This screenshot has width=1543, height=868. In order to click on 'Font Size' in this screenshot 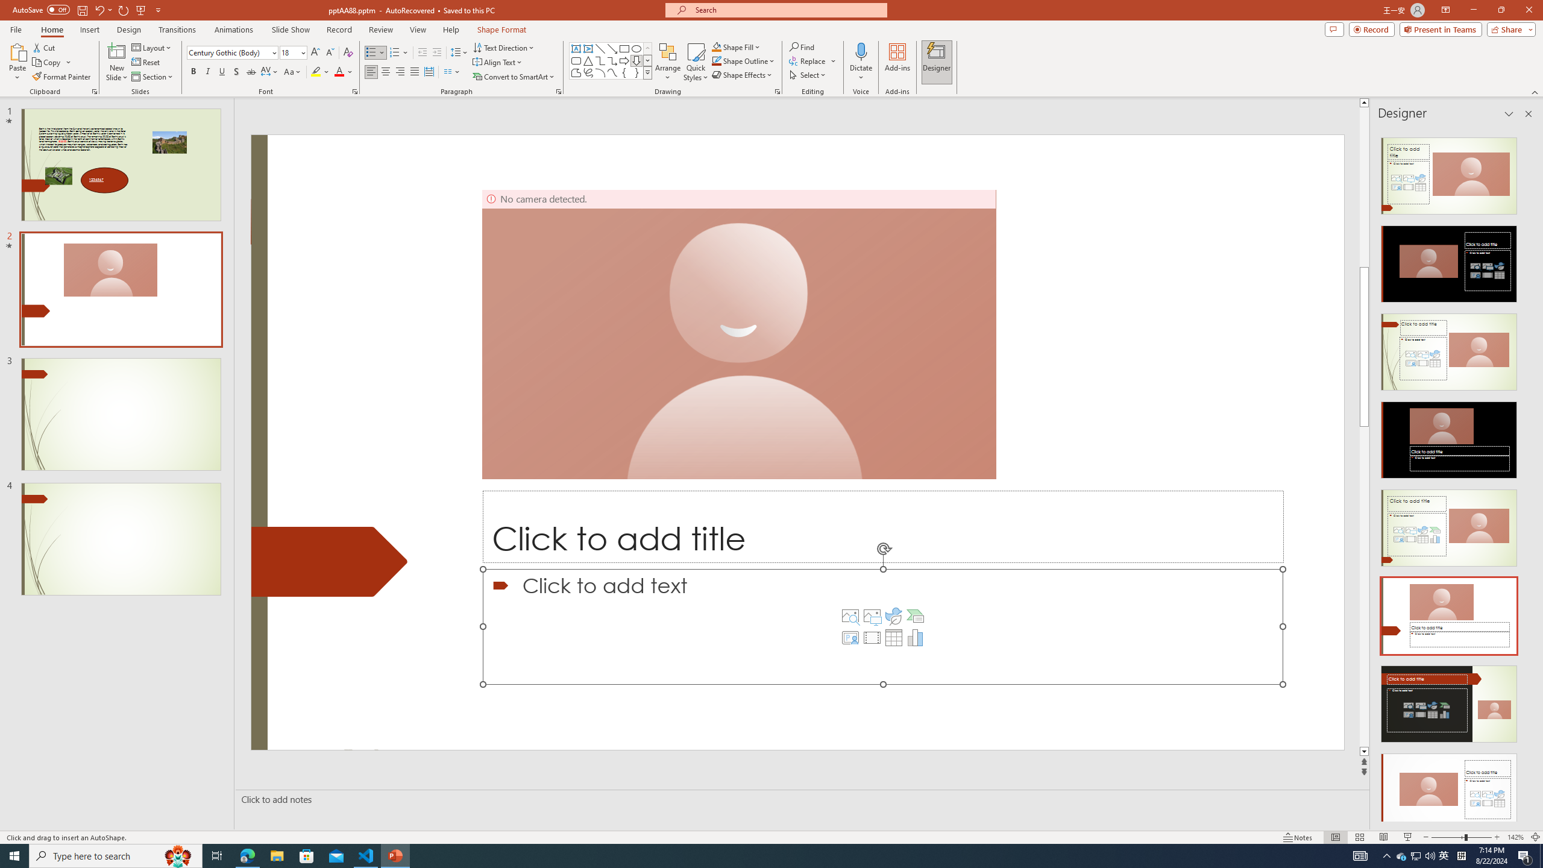, I will do `click(292, 52)`.